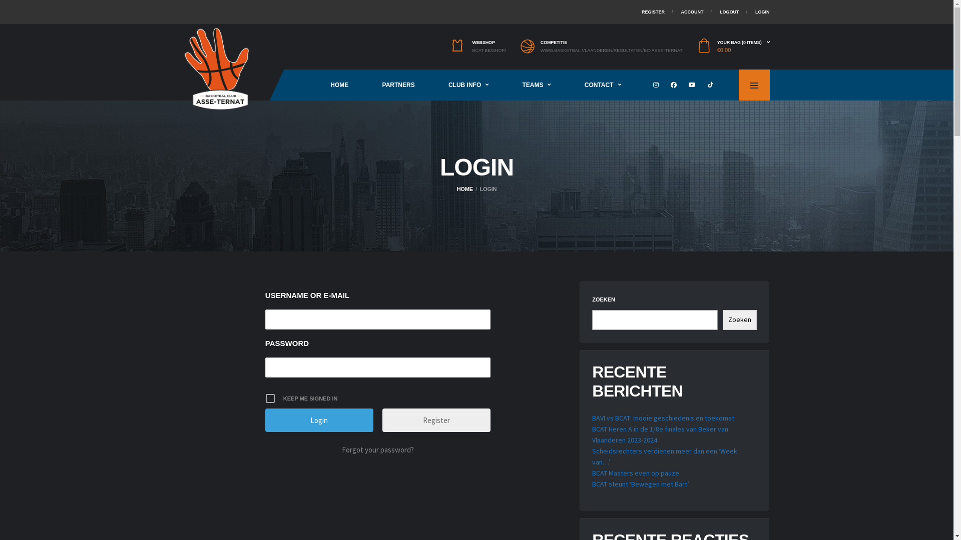  Describe the element at coordinates (691, 11) in the screenshot. I see `'ACCOUNT'` at that location.